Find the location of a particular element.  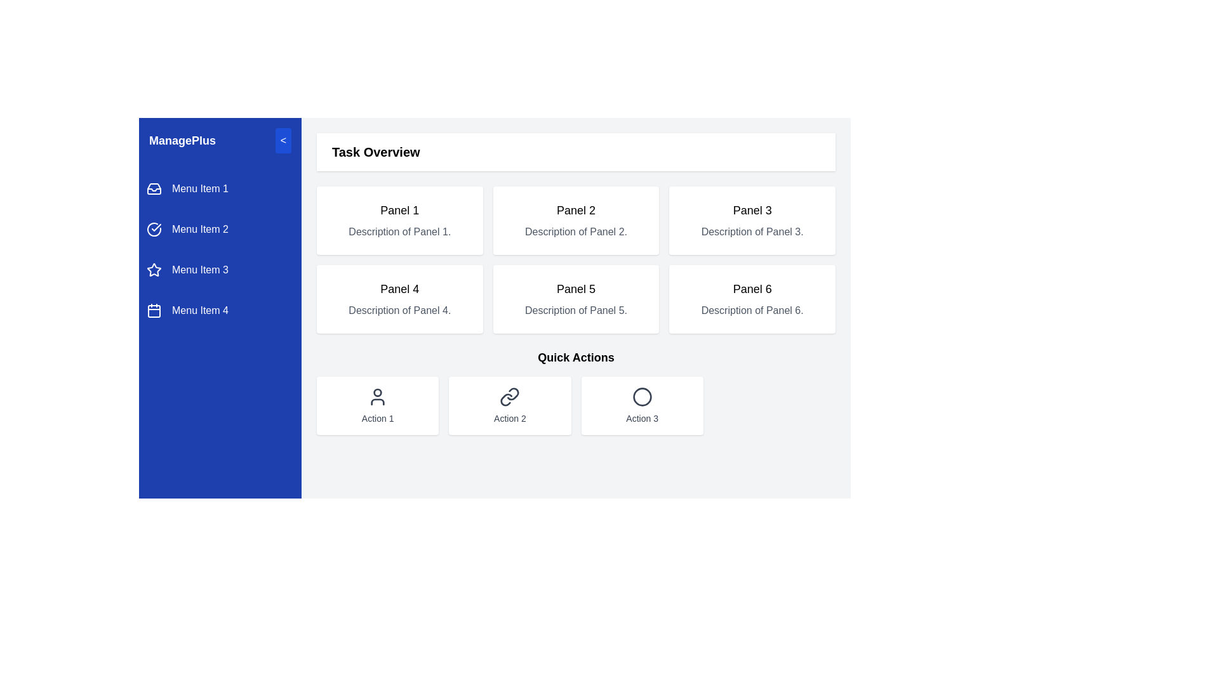

the second menu item in the sidebar is located at coordinates (220, 230).